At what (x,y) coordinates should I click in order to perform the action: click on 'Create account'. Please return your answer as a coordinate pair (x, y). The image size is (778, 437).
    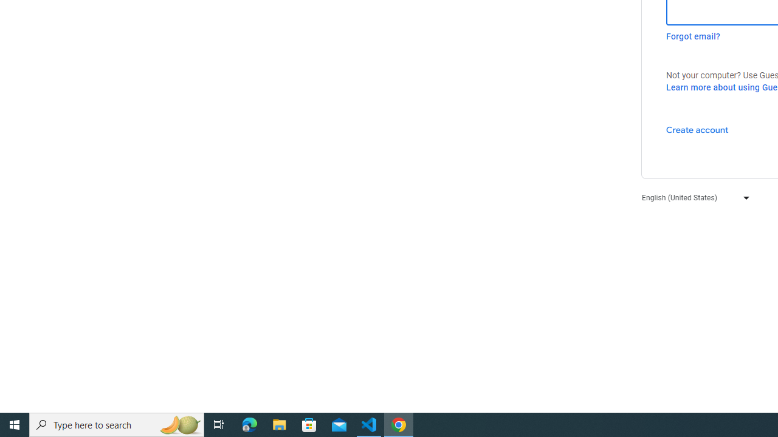
    Looking at the image, I should click on (697, 129).